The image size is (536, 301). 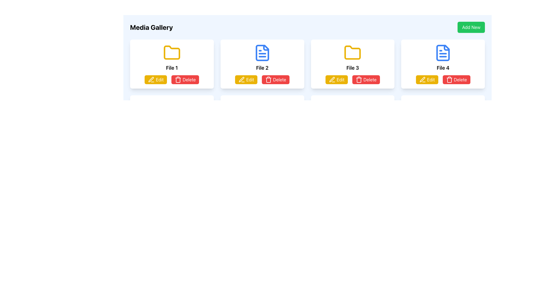 What do you see at coordinates (332, 79) in the screenshot?
I see `the 'Edit' icon for the third item labeled 'File 3' in the media gallery grid layout` at bounding box center [332, 79].